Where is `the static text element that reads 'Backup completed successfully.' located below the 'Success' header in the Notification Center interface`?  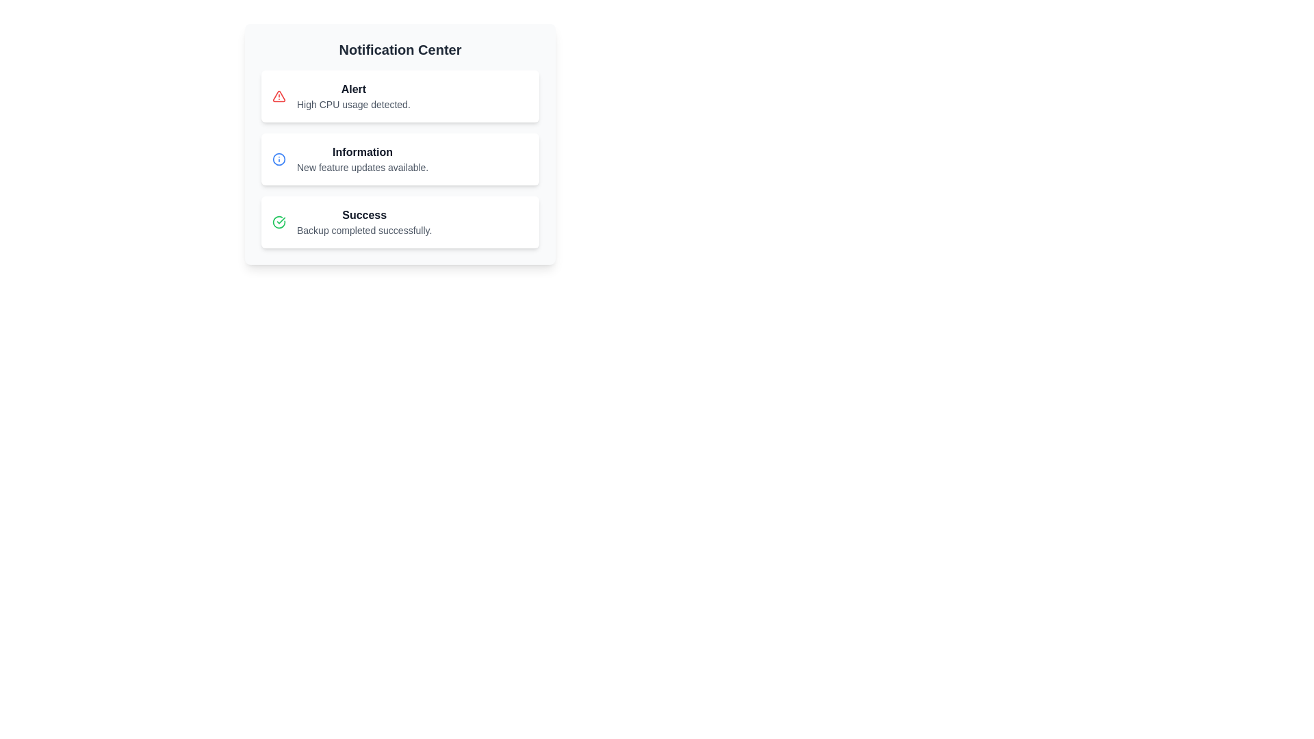
the static text element that reads 'Backup completed successfully.' located below the 'Success' header in the Notification Center interface is located at coordinates (364, 229).